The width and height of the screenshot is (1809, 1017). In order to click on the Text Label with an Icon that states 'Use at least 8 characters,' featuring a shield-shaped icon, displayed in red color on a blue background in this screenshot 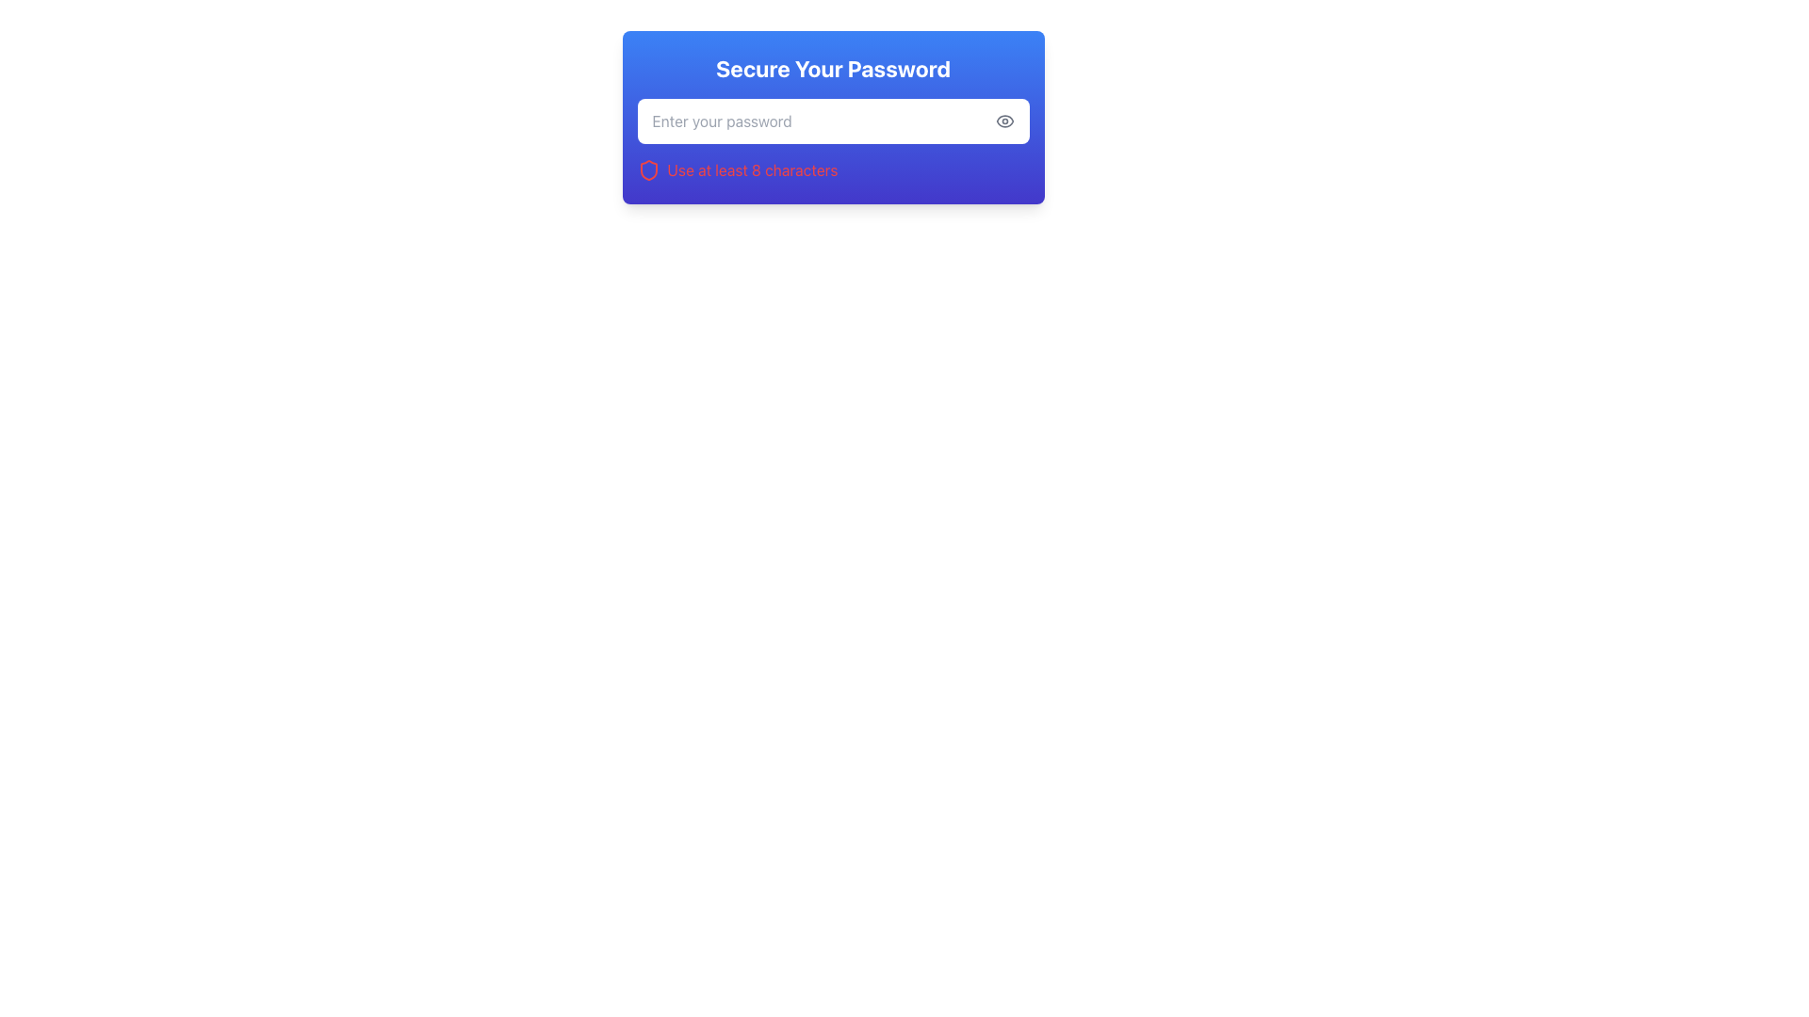, I will do `click(832, 170)`.